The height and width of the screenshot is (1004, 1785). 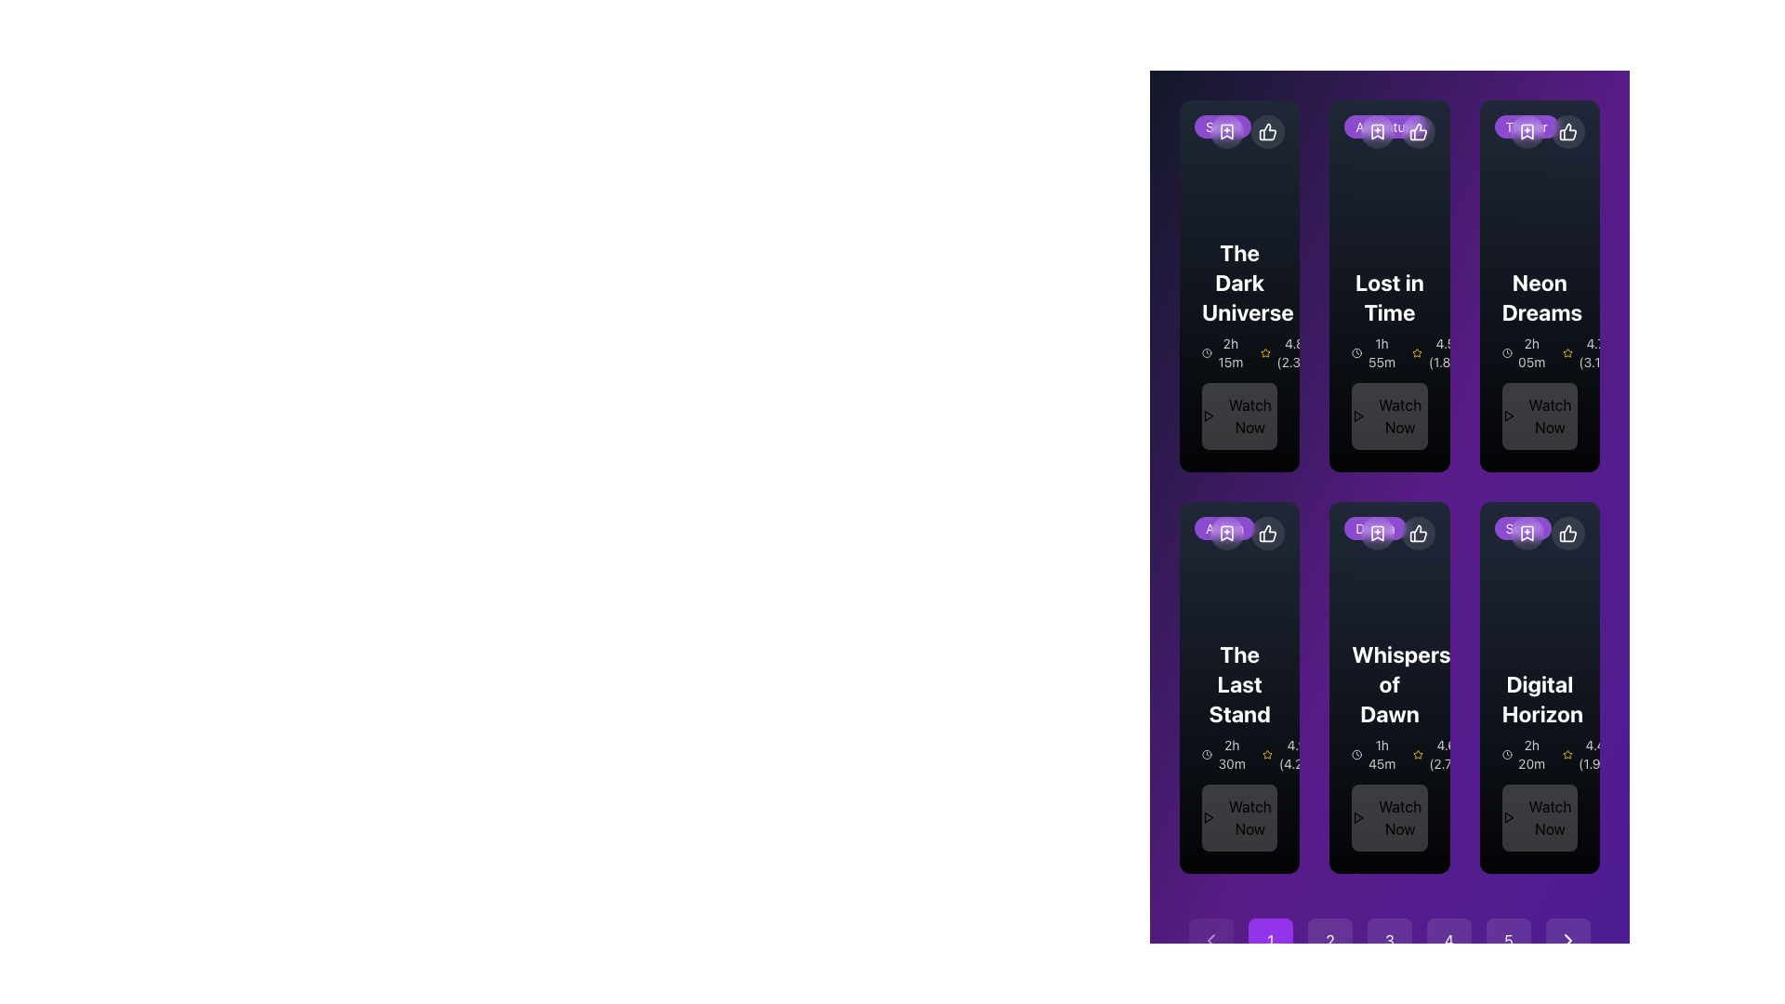 What do you see at coordinates (1377, 131) in the screenshot?
I see `the bookmark icon button located to the right of the 'S' button and to the left of the thumbs up icon on the 'Lost in Time' card` at bounding box center [1377, 131].